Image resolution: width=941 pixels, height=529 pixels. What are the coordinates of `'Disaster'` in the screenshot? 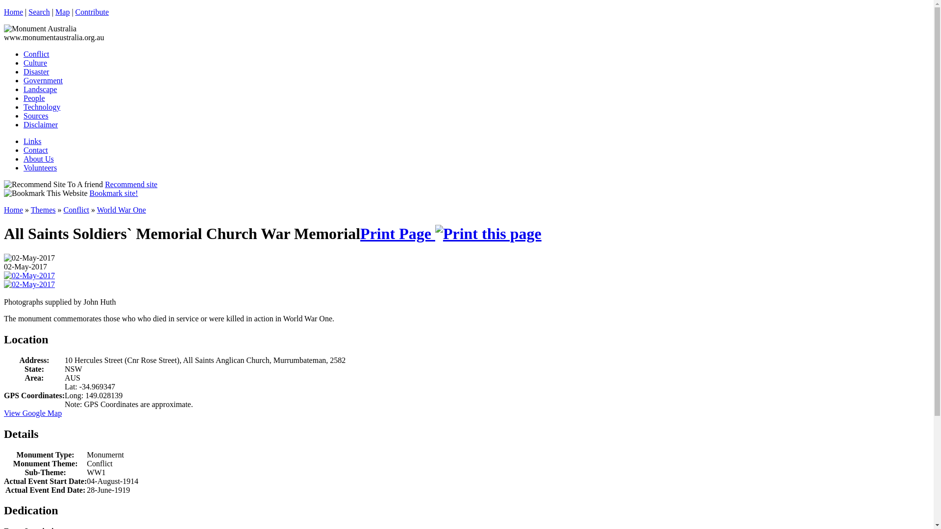 It's located at (24, 71).